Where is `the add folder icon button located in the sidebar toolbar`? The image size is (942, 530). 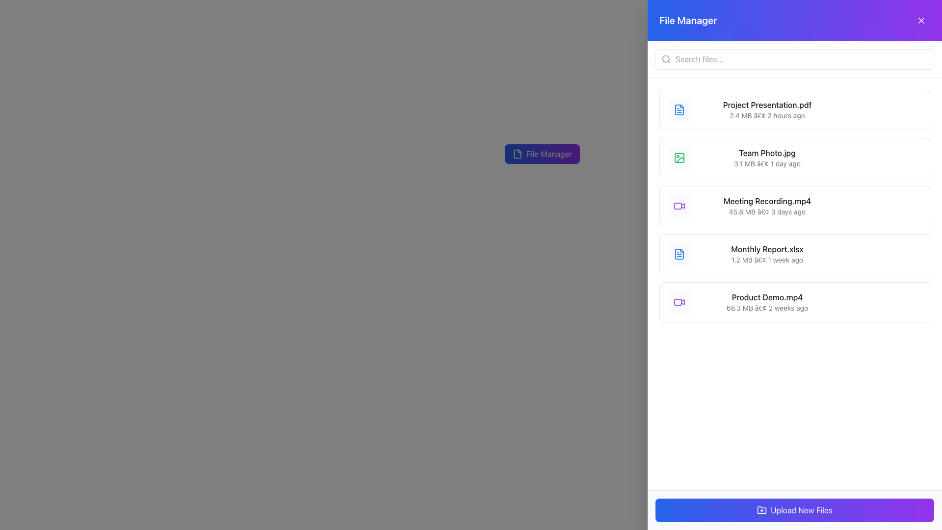 the add folder icon button located in the sidebar toolbar is located at coordinates (761, 509).